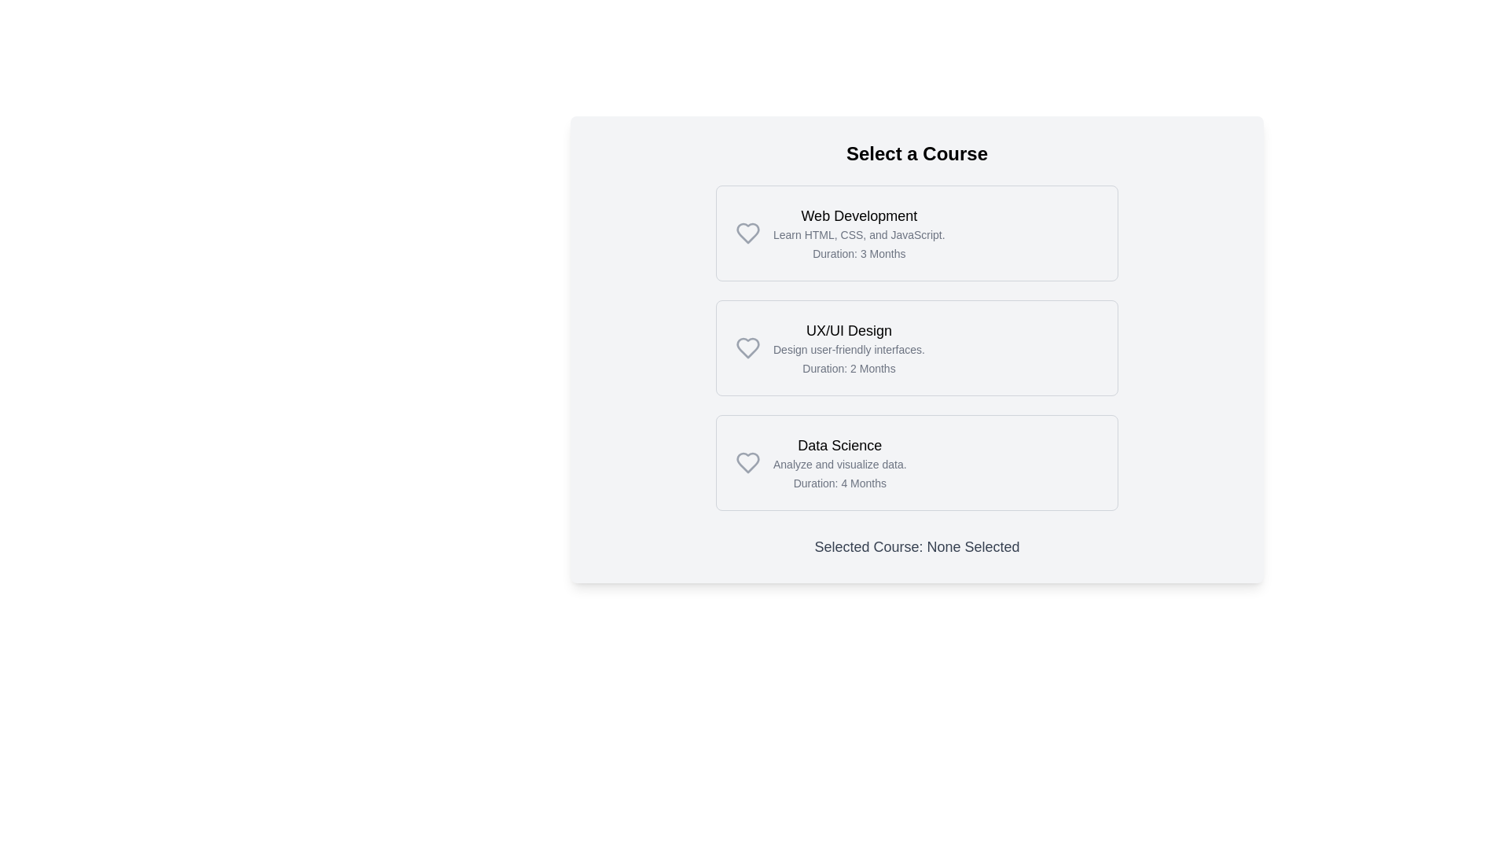 Image resolution: width=1509 pixels, height=849 pixels. What do you see at coordinates (858, 235) in the screenshot?
I see `the text element that reads 'Learn HTML, CSS, and JavaScript.' positioned within the 'Web Development' box, located below the title and above the duration line` at bounding box center [858, 235].